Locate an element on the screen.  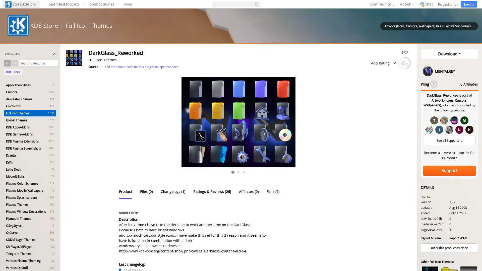
Go to slide 3 is located at coordinates (244, 172).